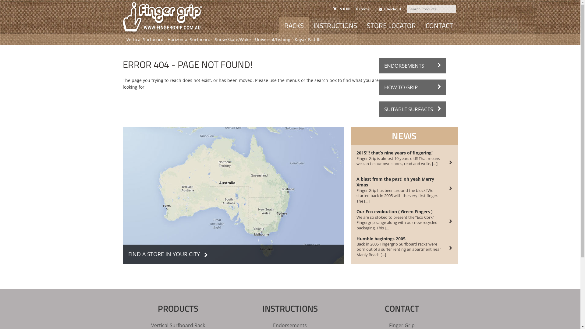  Describe the element at coordinates (178, 325) in the screenshot. I see `'Vertical Surfboard Rack'` at that location.